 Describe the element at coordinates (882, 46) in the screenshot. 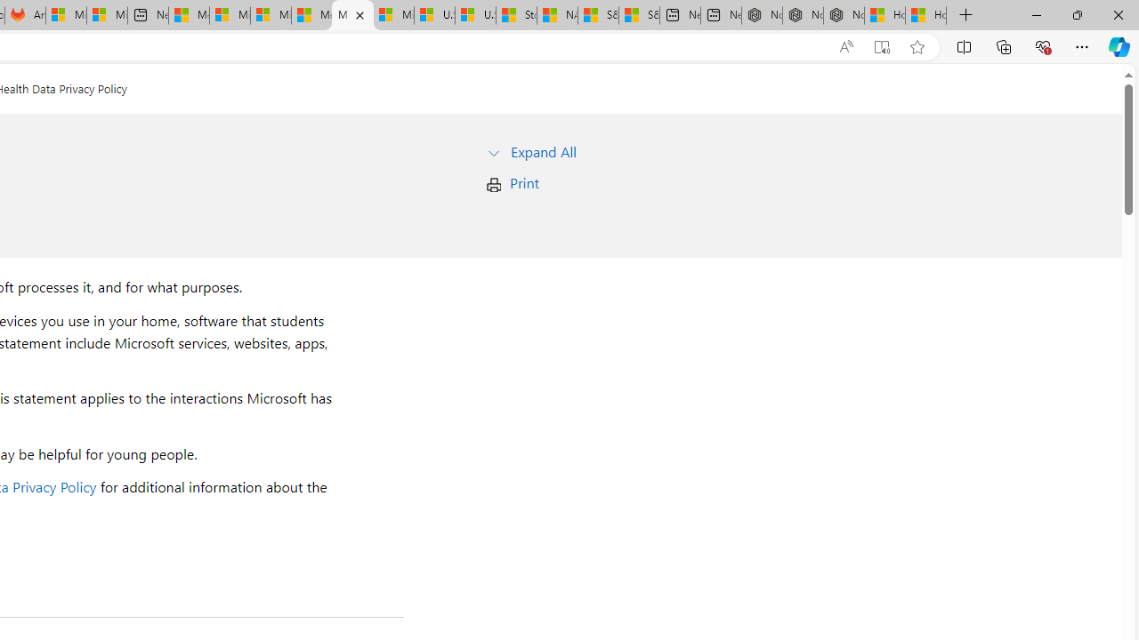

I see `'Enter Immersive Reader (F9)'` at that location.